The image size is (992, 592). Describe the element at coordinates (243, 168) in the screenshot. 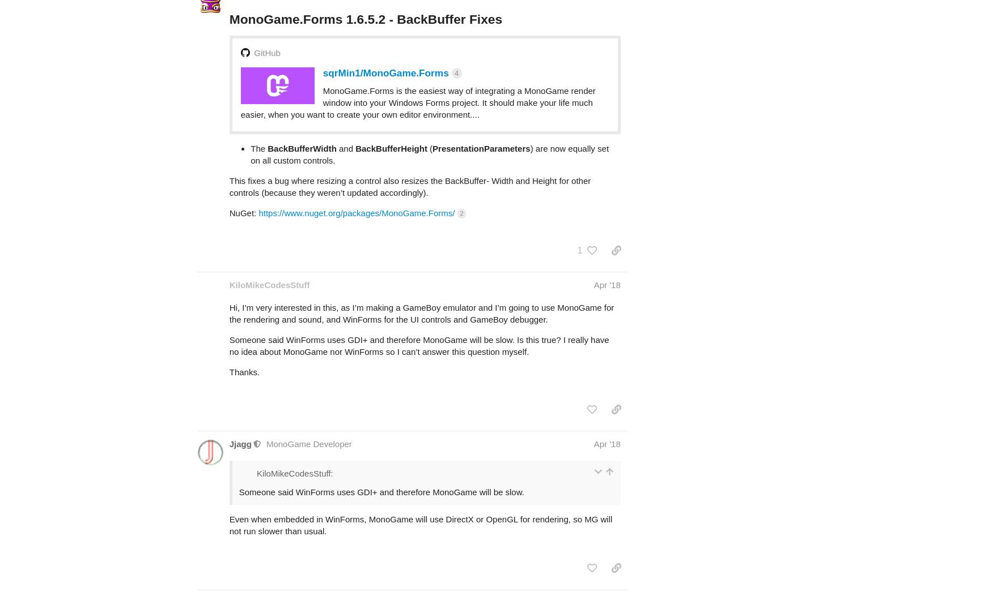

I see `'NuGet:'` at that location.